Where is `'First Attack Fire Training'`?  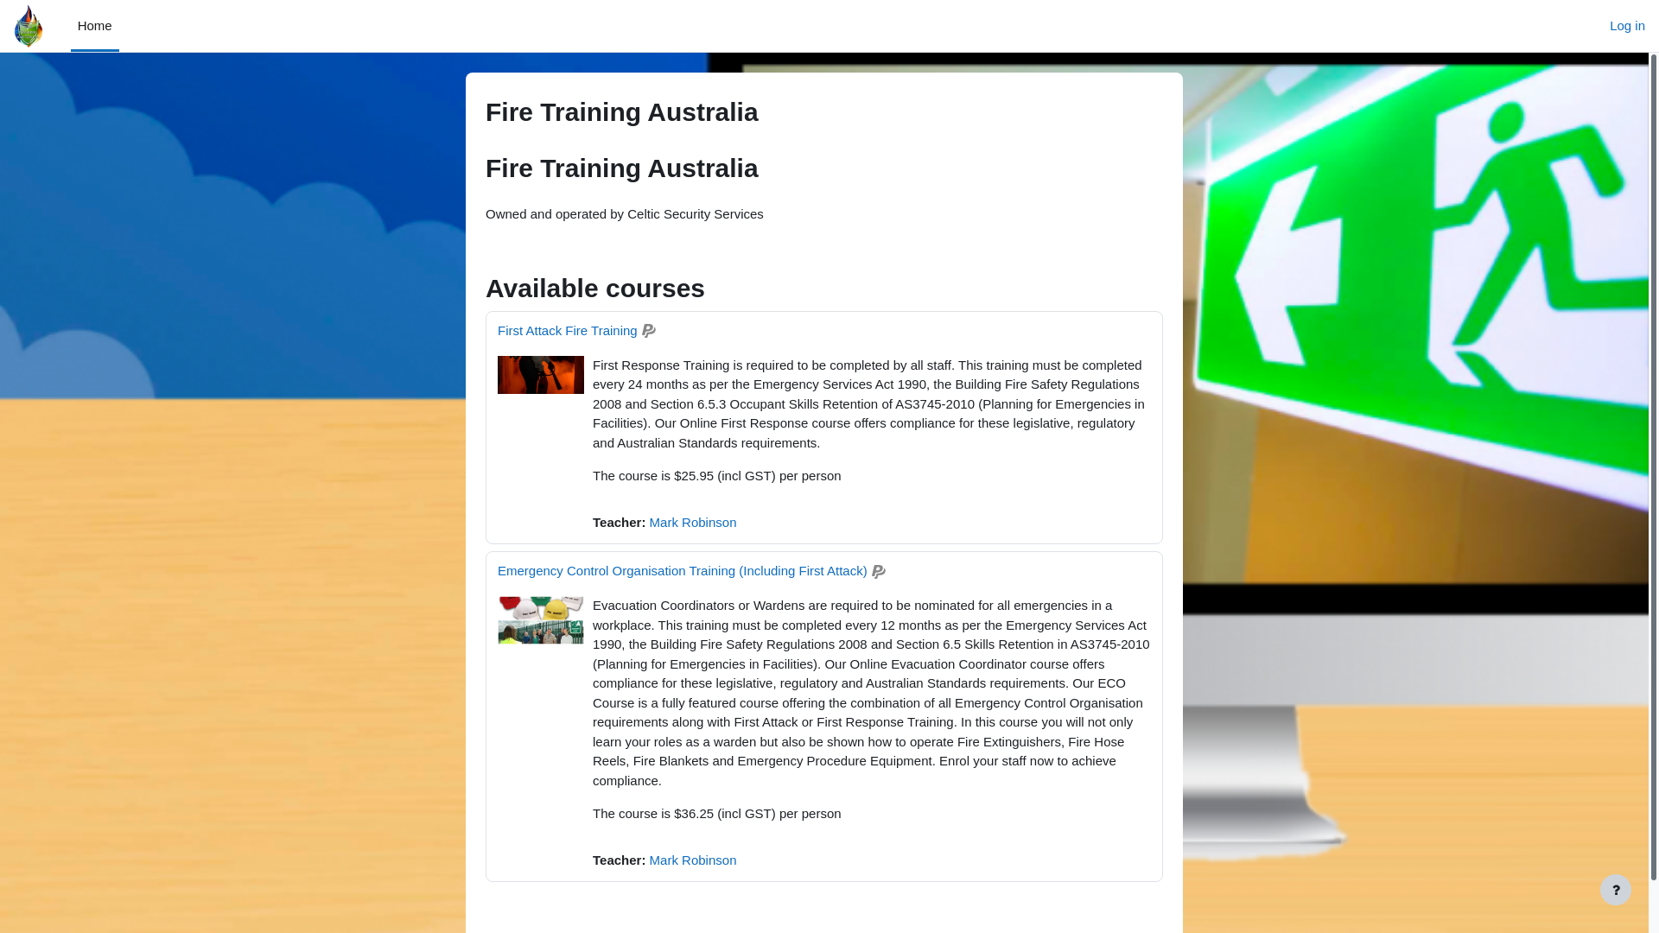
'First Attack Fire Training' is located at coordinates (497, 330).